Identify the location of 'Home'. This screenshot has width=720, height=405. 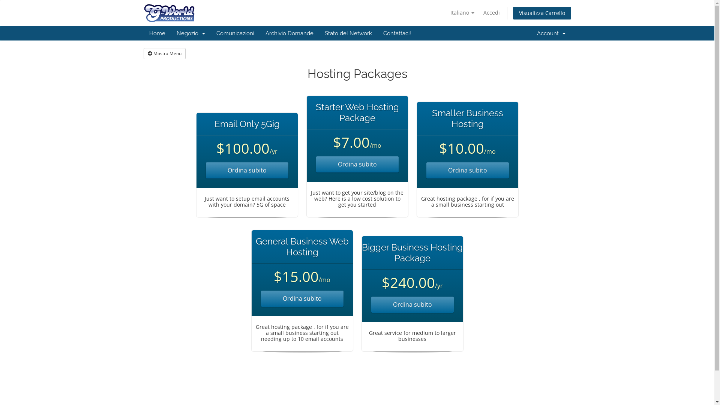
(156, 33).